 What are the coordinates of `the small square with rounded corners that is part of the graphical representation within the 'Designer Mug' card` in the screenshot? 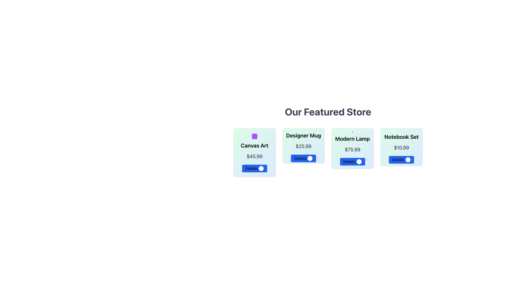 It's located at (303, 133).